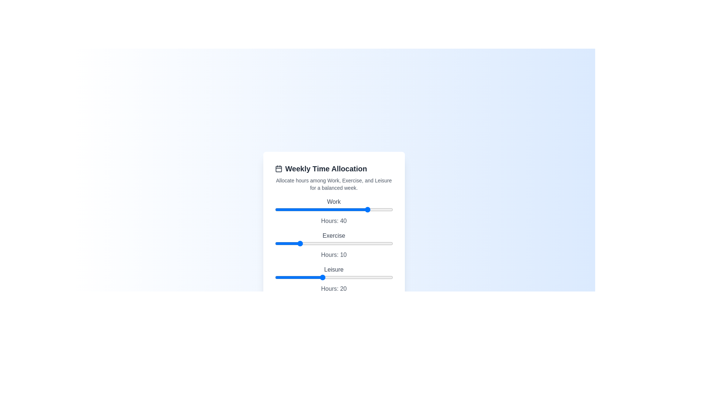 This screenshot has height=398, width=708. Describe the element at coordinates (333, 210) in the screenshot. I see `the slider associated with the label Work` at that location.